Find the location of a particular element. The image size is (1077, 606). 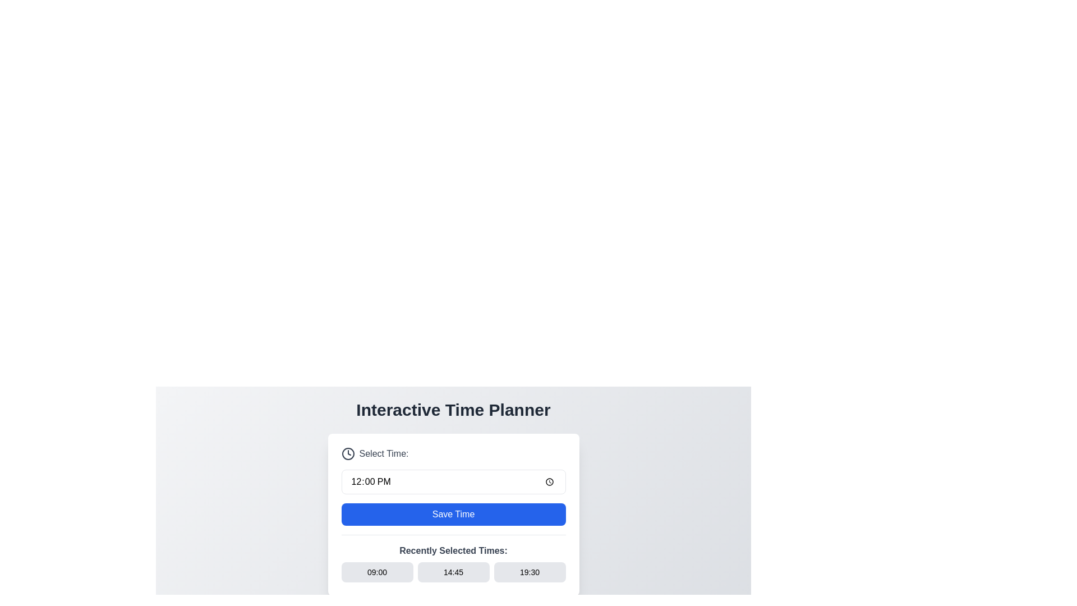

the button located below the time selection input field is located at coordinates (453, 515).